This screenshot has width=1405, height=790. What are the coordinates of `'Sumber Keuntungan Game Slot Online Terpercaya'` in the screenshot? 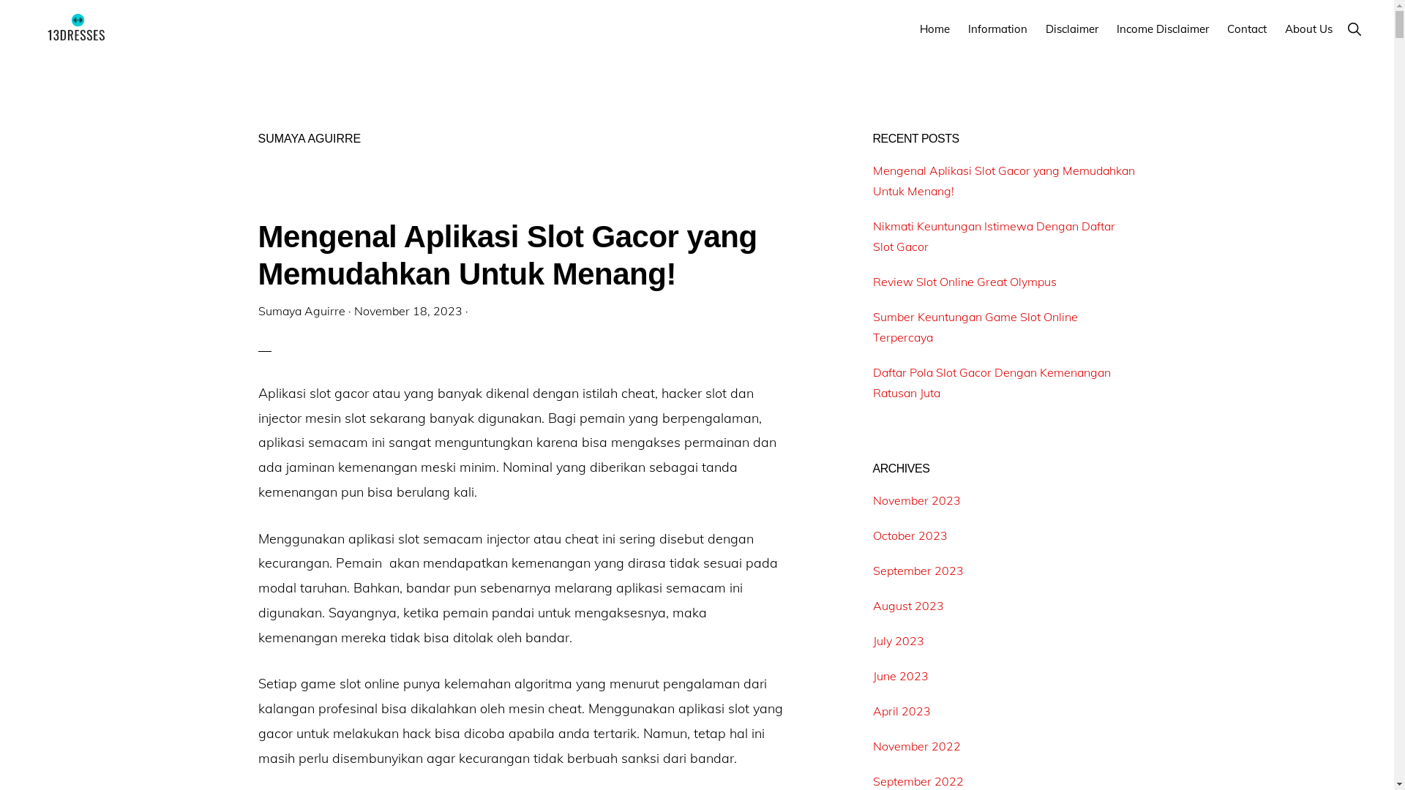 It's located at (975, 326).